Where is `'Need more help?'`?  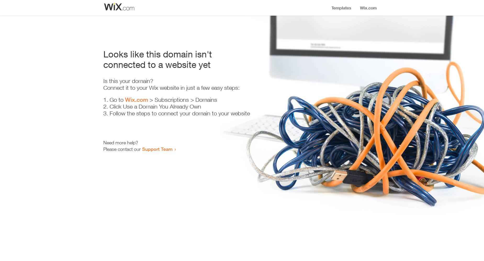
'Need more help?' is located at coordinates (120, 143).